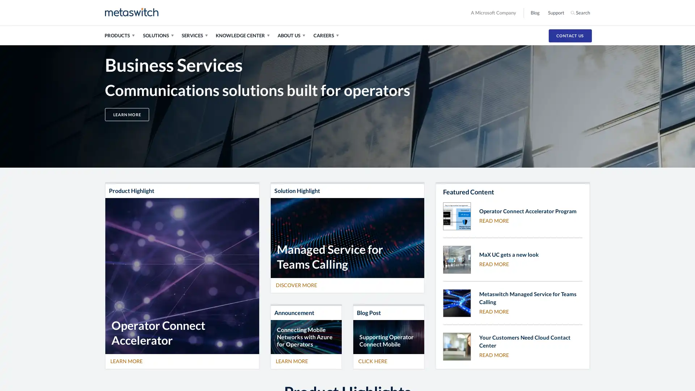 The image size is (695, 391). I want to click on Submit Search, so click(595, 12).